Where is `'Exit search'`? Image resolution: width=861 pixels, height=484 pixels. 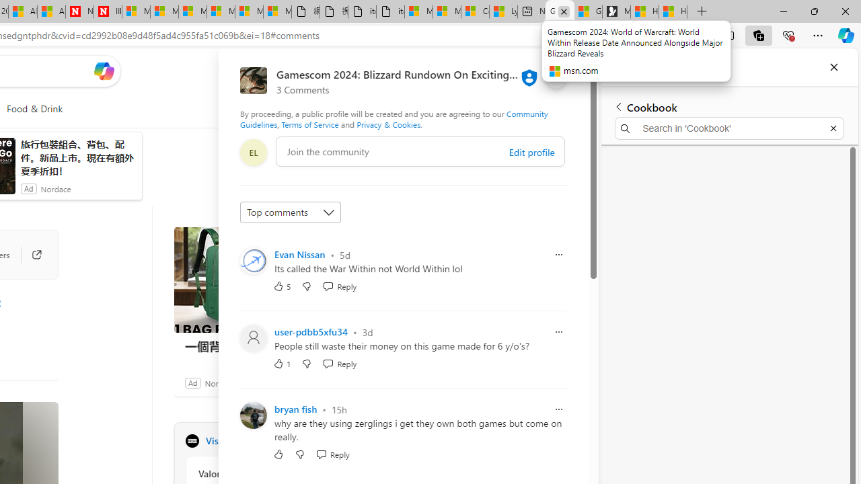 'Exit search' is located at coordinates (833, 128).